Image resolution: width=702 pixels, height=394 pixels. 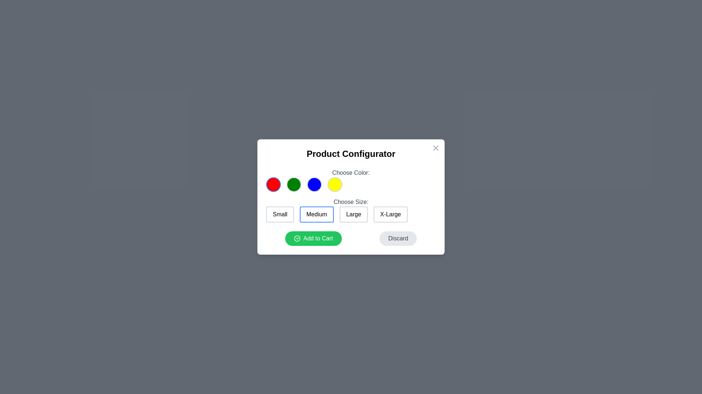 I want to click on the close button (an 'X' icon) located in the top-right corner of the 'Product Configurator' modal dialog, so click(x=435, y=148).